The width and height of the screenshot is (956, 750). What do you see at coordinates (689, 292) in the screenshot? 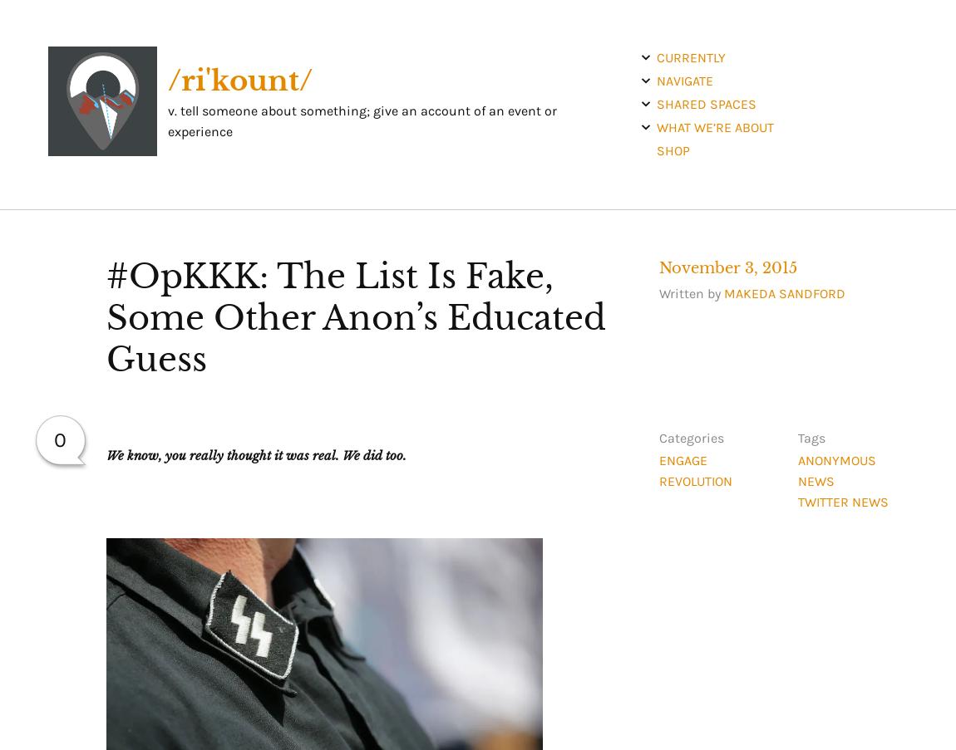
I see `'Written by'` at bounding box center [689, 292].